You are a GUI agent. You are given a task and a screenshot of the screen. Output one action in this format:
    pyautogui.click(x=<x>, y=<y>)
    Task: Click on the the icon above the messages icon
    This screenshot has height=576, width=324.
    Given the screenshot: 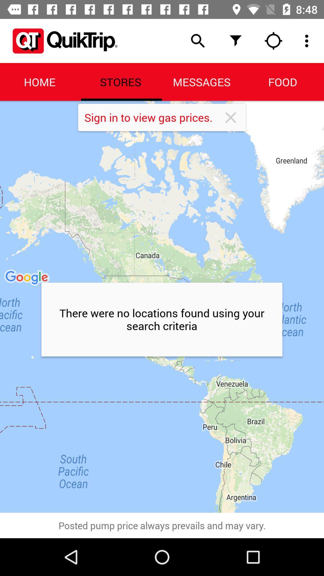 What is the action you would take?
    pyautogui.click(x=235, y=40)
    